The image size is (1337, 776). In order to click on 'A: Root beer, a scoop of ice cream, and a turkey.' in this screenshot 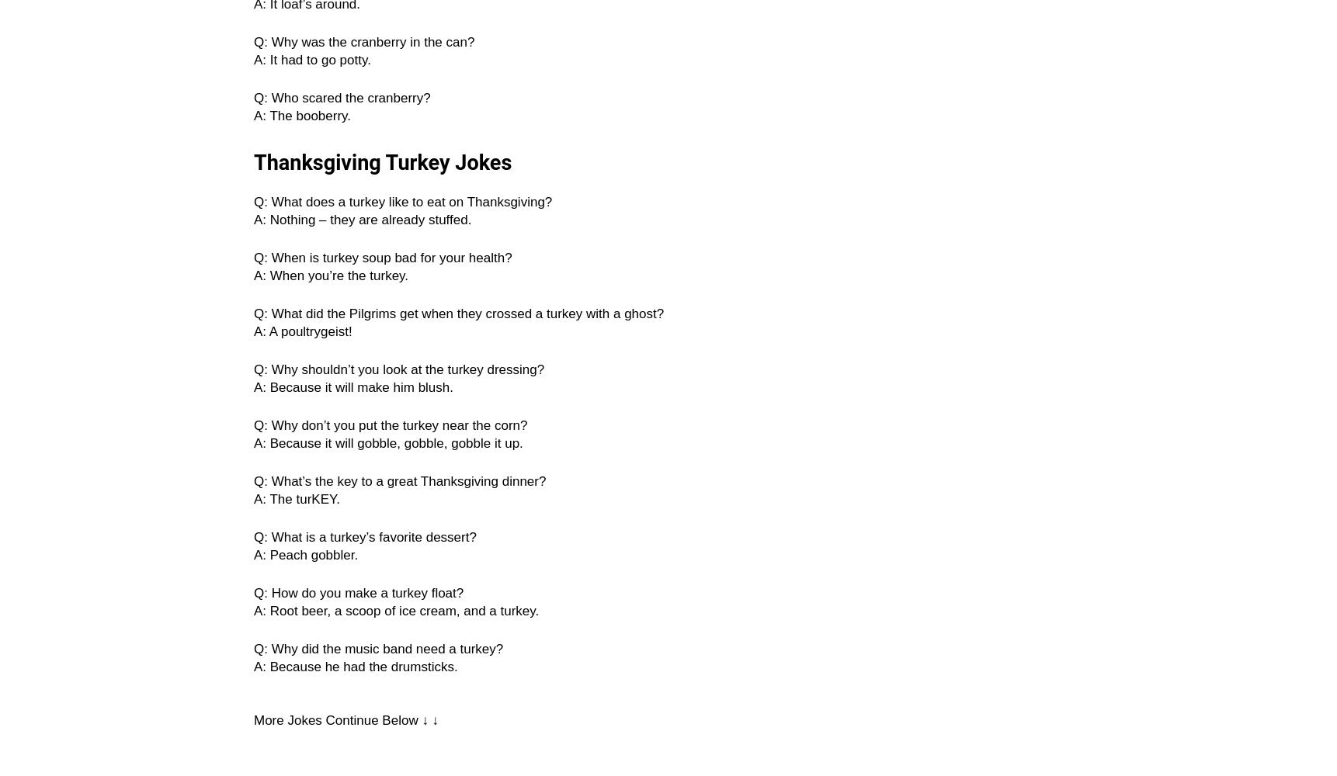, I will do `click(396, 611)`.